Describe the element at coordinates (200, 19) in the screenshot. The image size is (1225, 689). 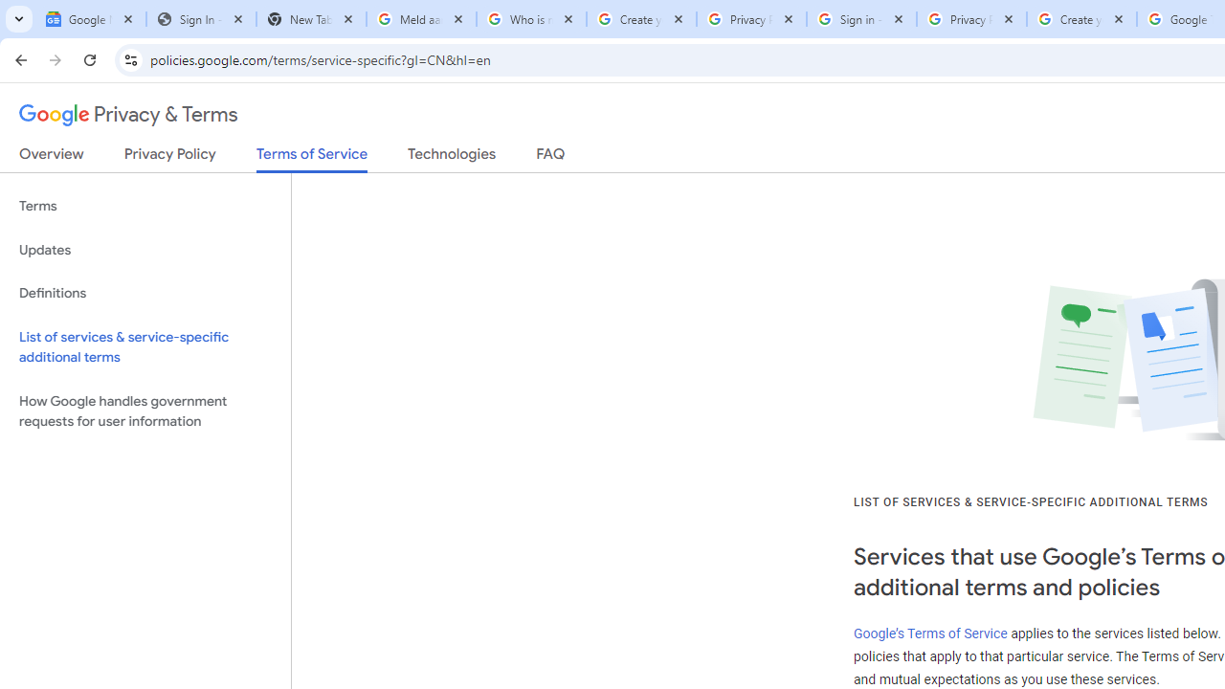
I see `'Sign In - USA TODAY'` at that location.